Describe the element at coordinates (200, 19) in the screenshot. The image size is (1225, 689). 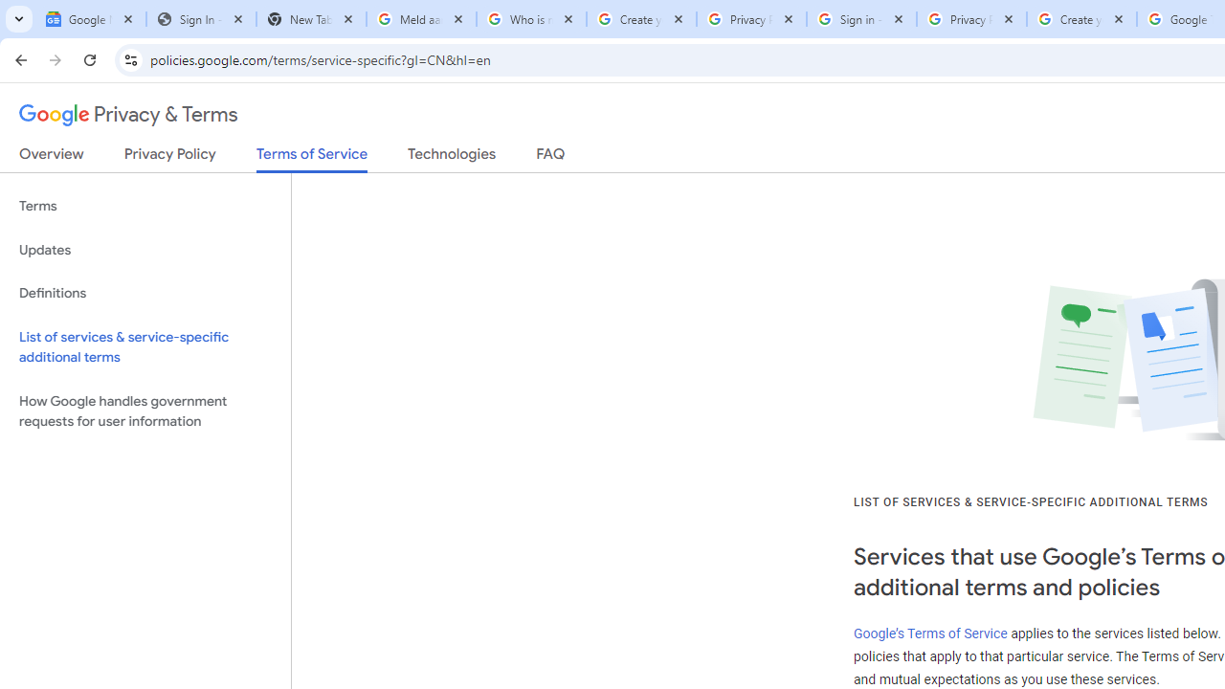
I see `'Sign In - USA TODAY'` at that location.